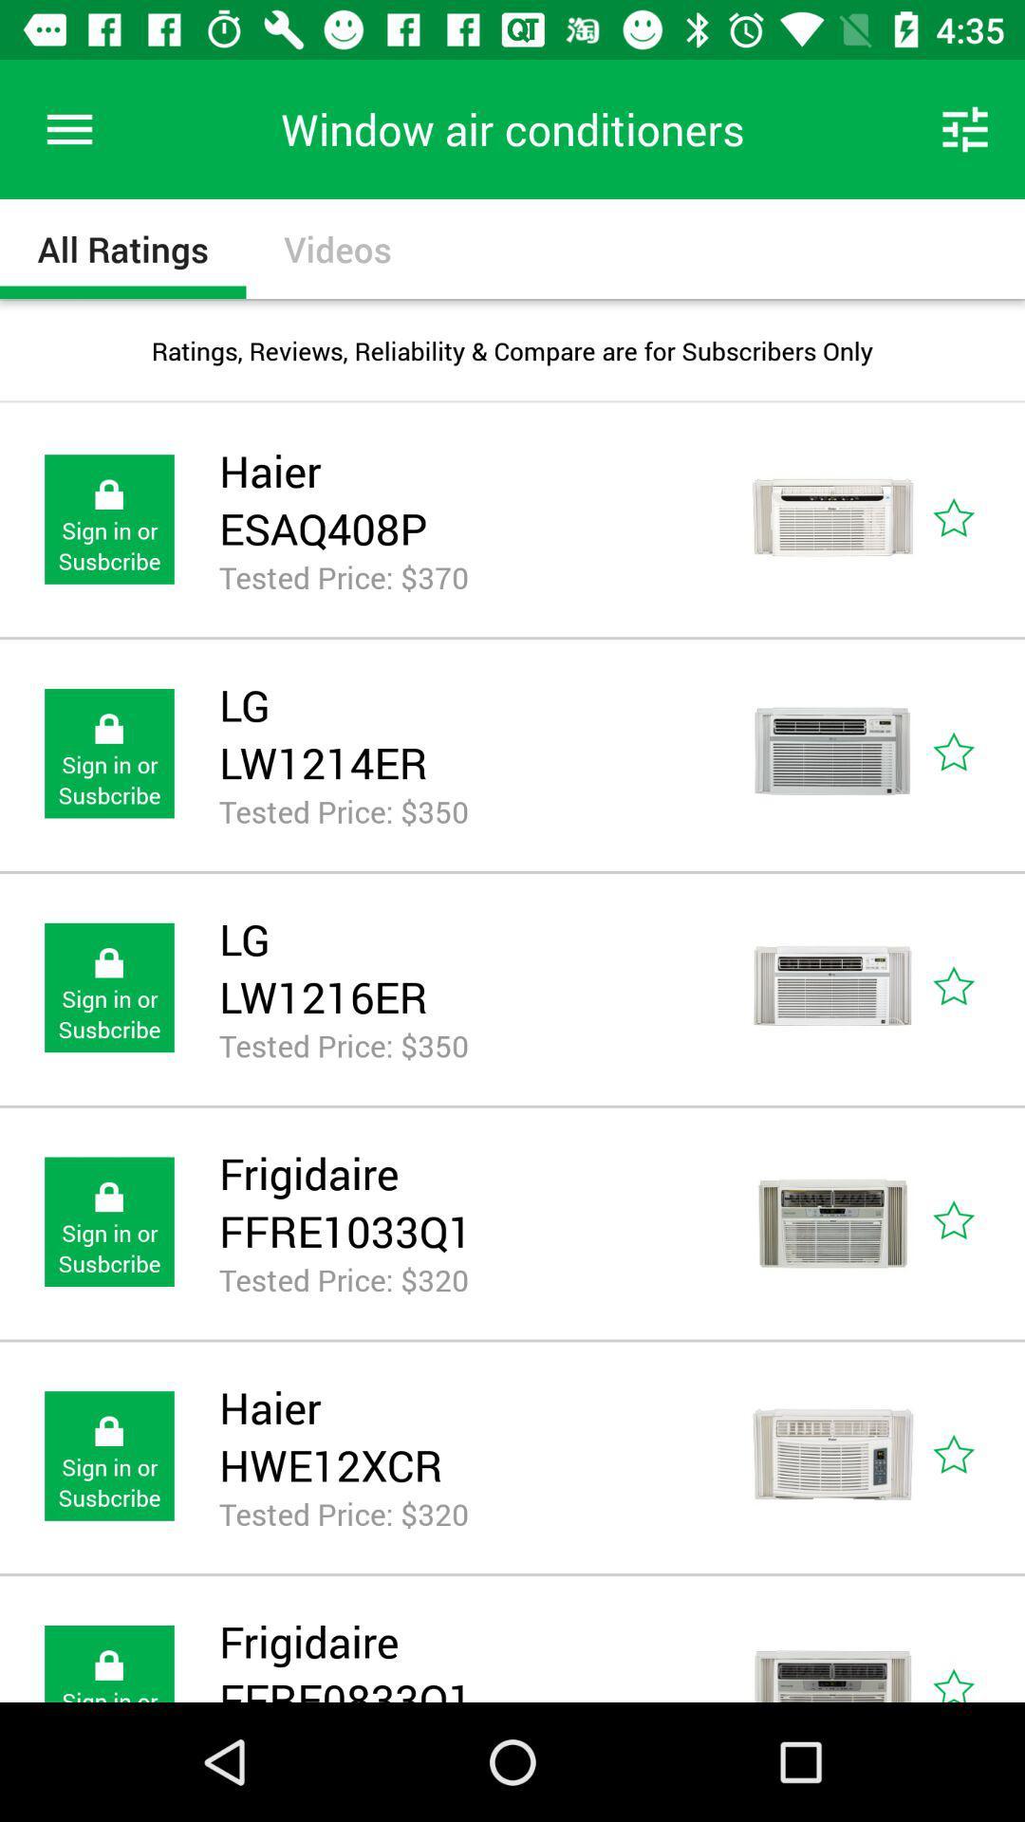  Describe the element at coordinates (68, 128) in the screenshot. I see `icon to the left of window air conditioners` at that location.